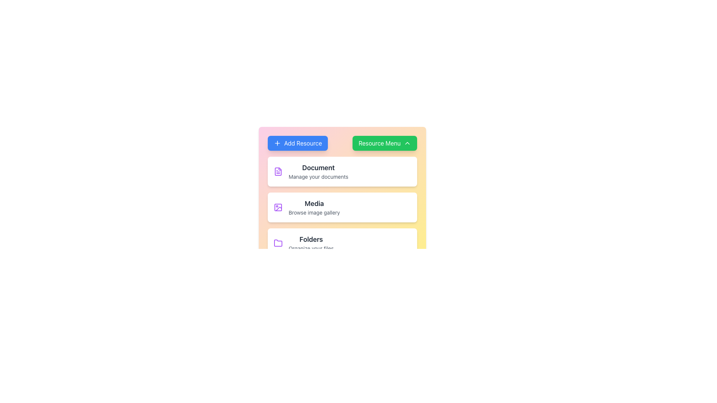 The image size is (717, 403). Describe the element at coordinates (342, 175) in the screenshot. I see `the 'Document' button, which is a rectangular box with a white background, rounded corners, and contains bold text titled 'Document' and a smaller description 'Manage your documents'. It is the first of three stacked options below the header with buttons like 'Add Resource'` at that location.